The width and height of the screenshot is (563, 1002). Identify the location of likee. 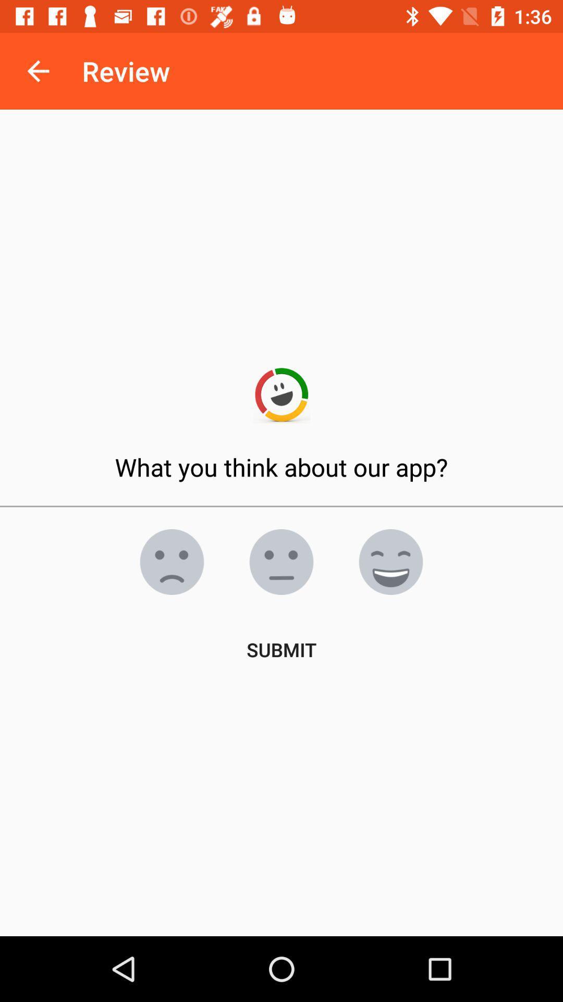
(281, 561).